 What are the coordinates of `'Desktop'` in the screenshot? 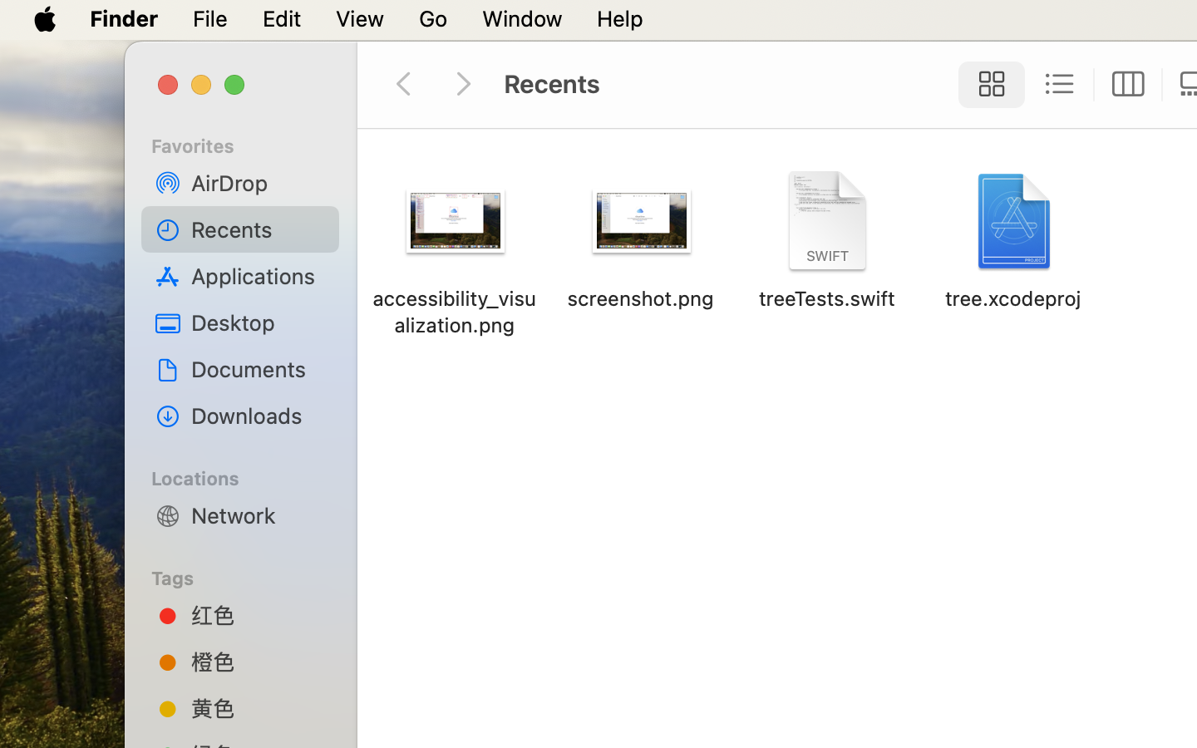 It's located at (259, 322).